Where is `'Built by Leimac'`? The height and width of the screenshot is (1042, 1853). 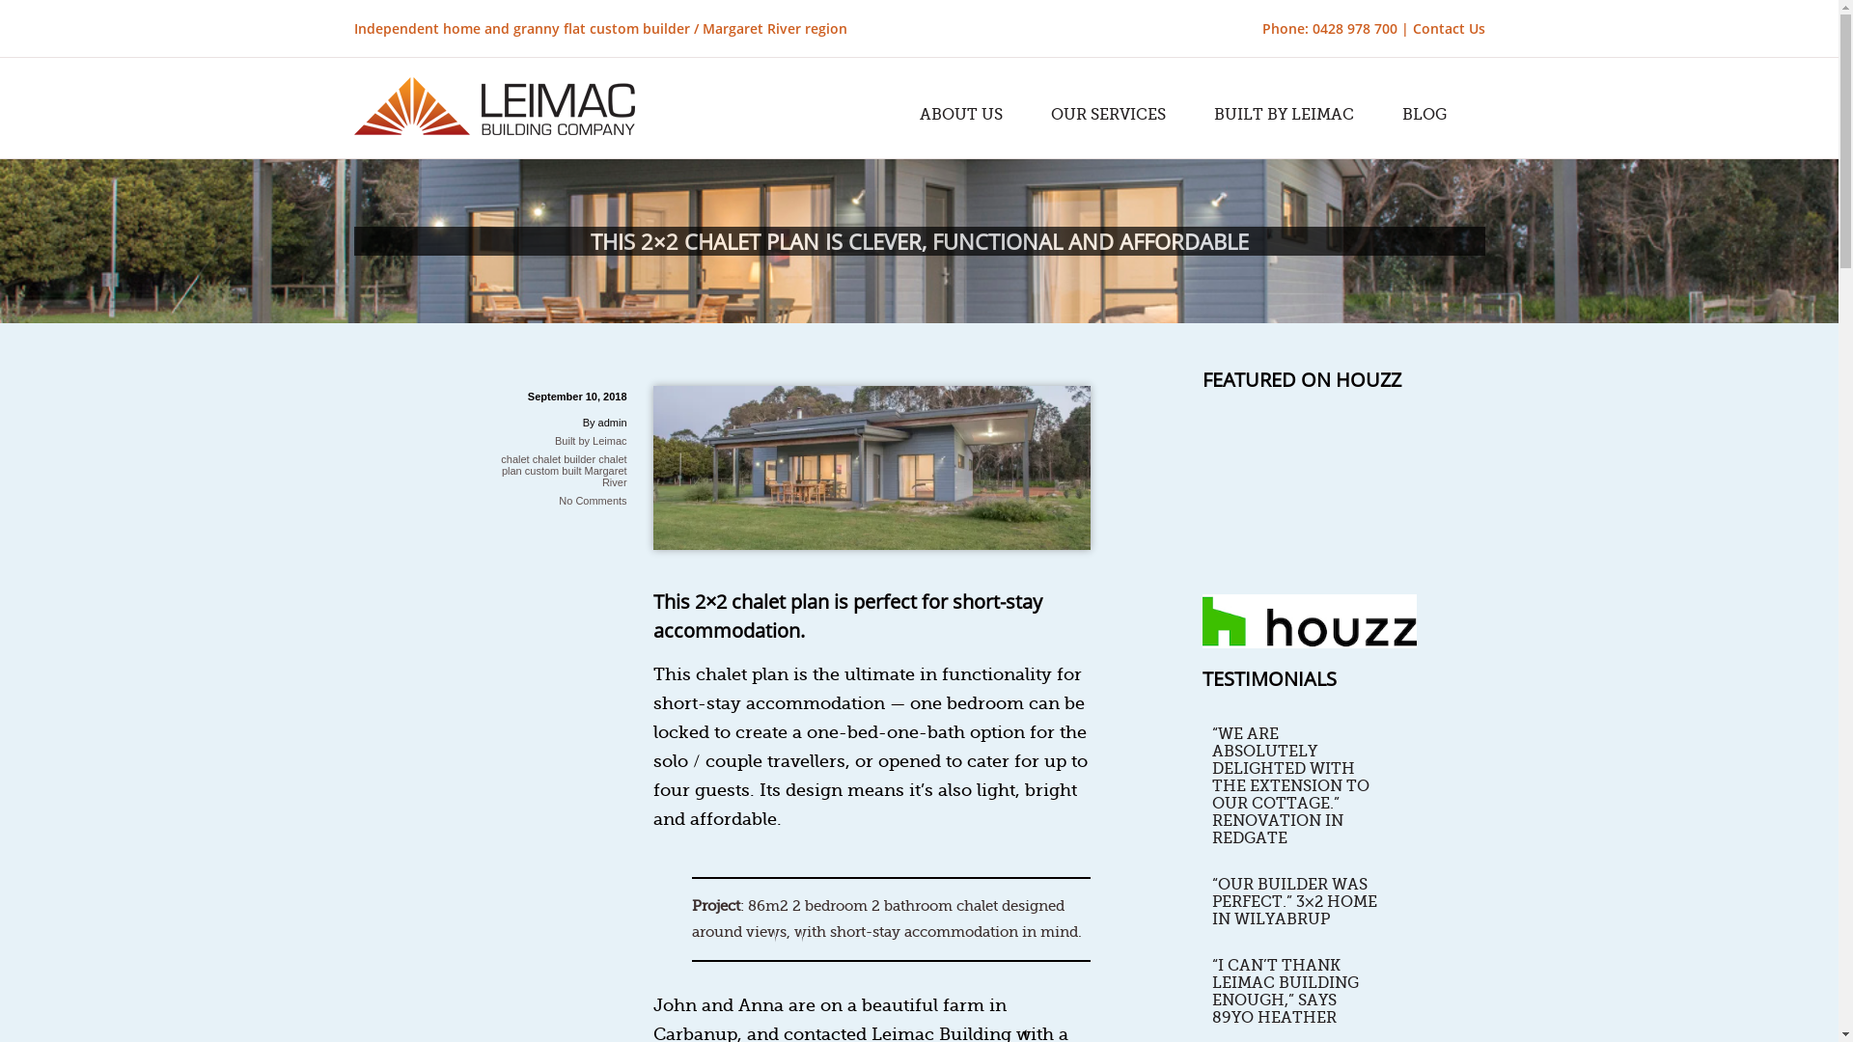 'Built by Leimac' is located at coordinates (590, 440).